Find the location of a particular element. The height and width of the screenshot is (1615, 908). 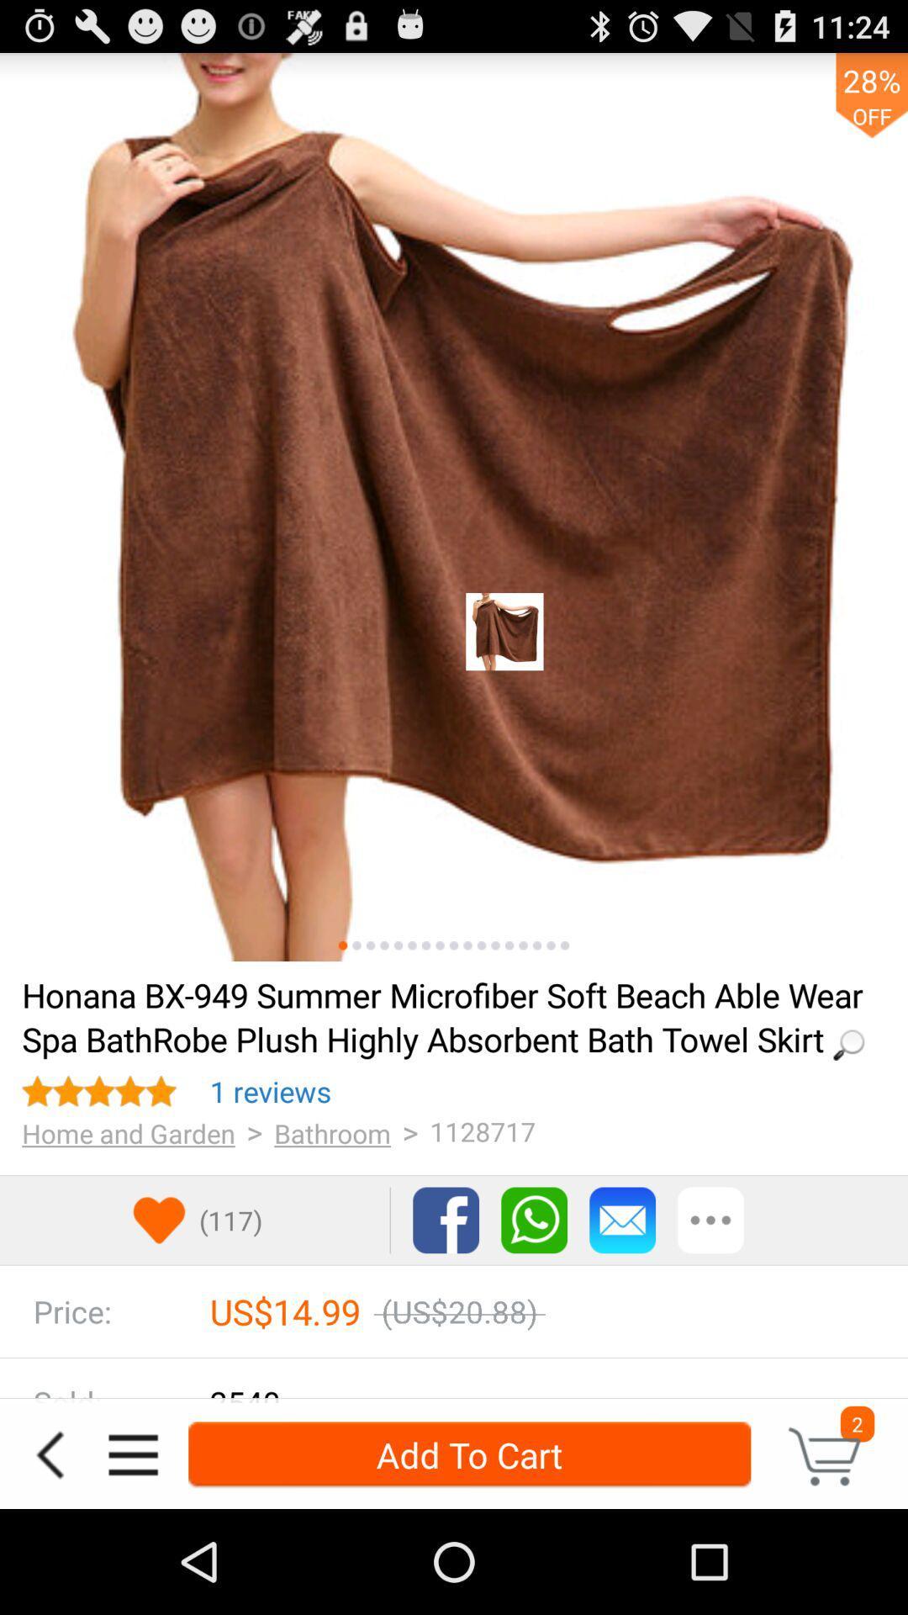

change image is located at coordinates (399, 945).